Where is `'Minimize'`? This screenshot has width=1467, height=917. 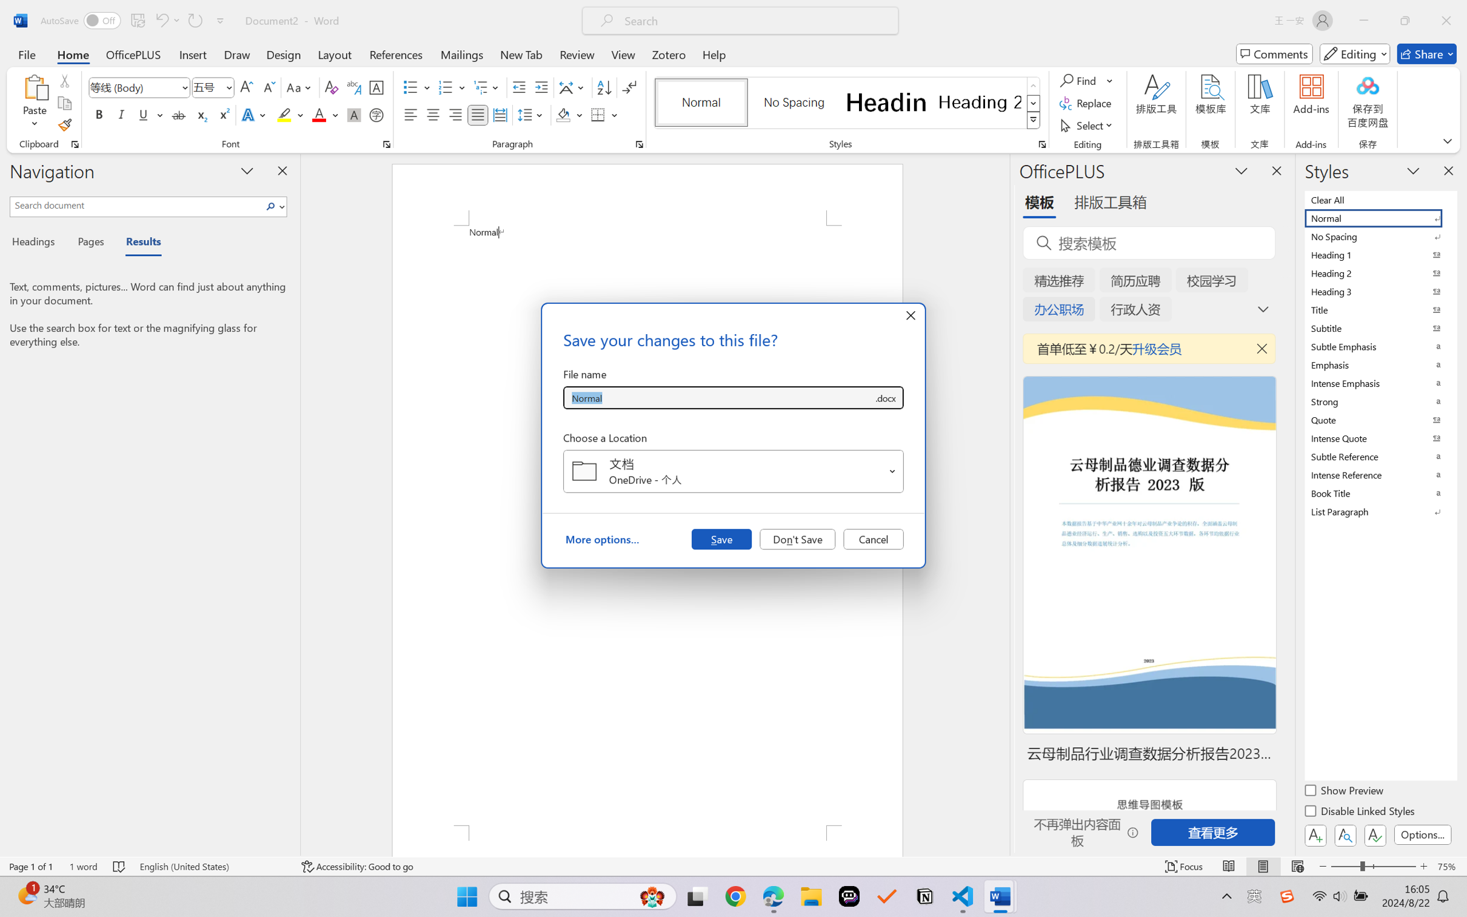
'Minimize' is located at coordinates (1364, 20).